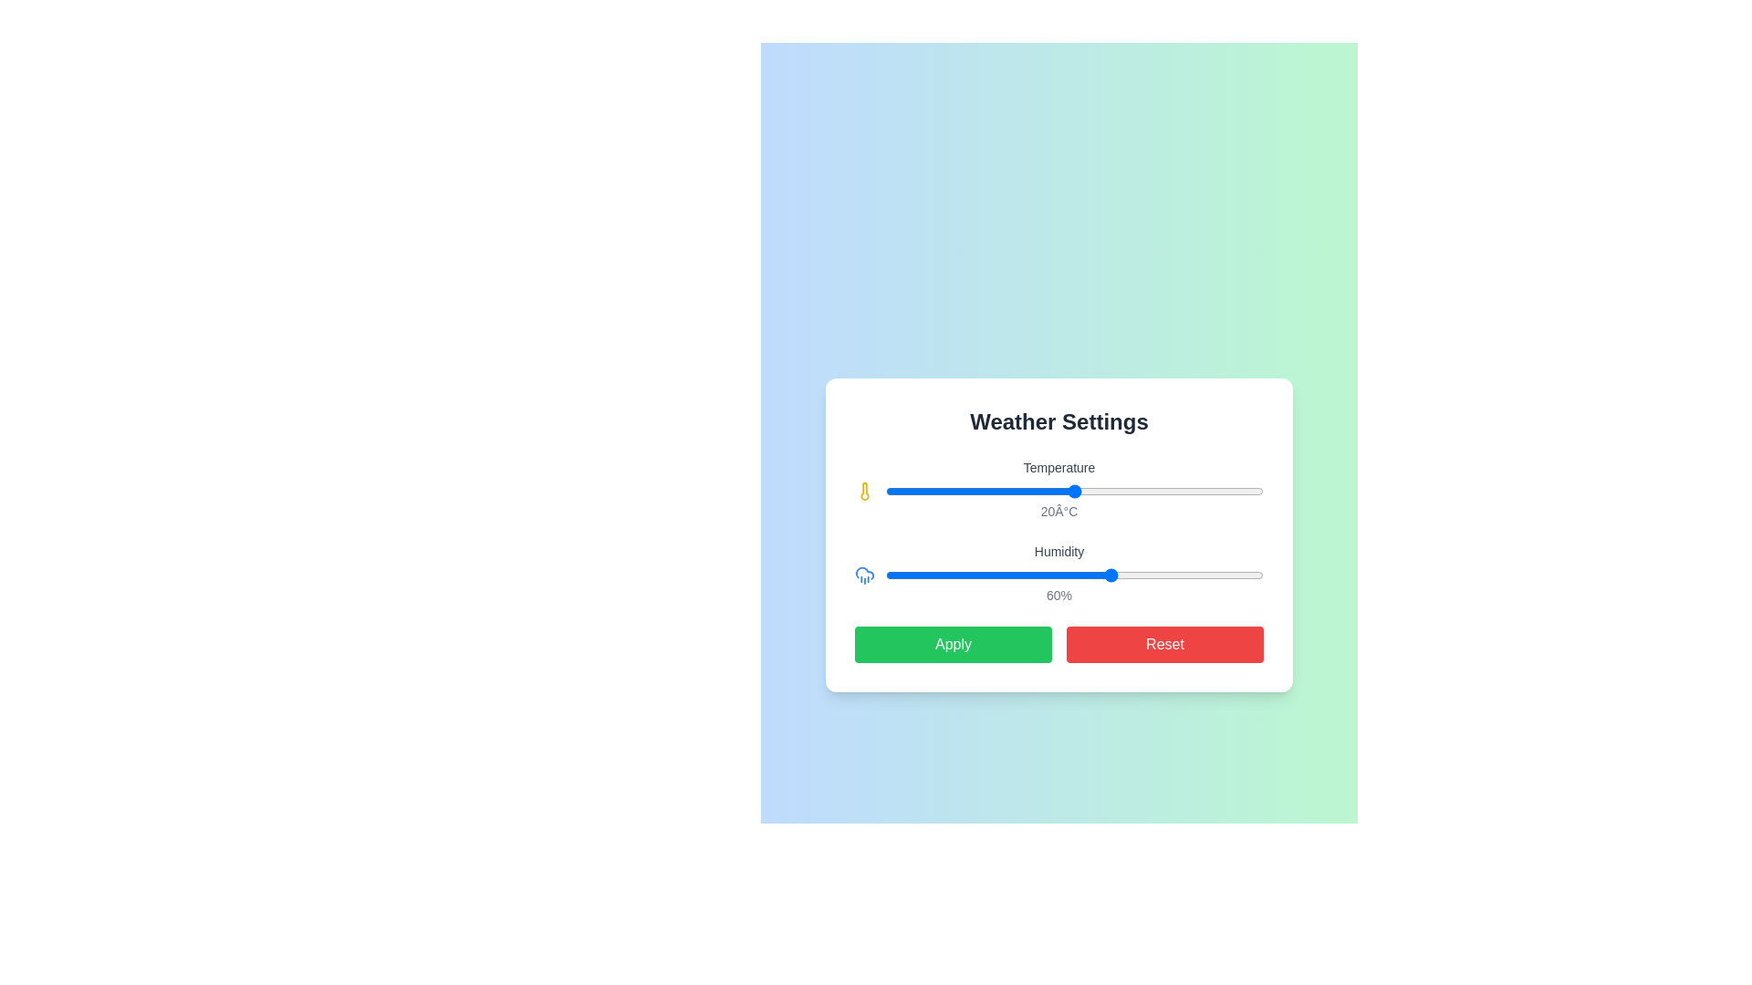  Describe the element at coordinates (995, 575) in the screenshot. I see `humidity` at that location.